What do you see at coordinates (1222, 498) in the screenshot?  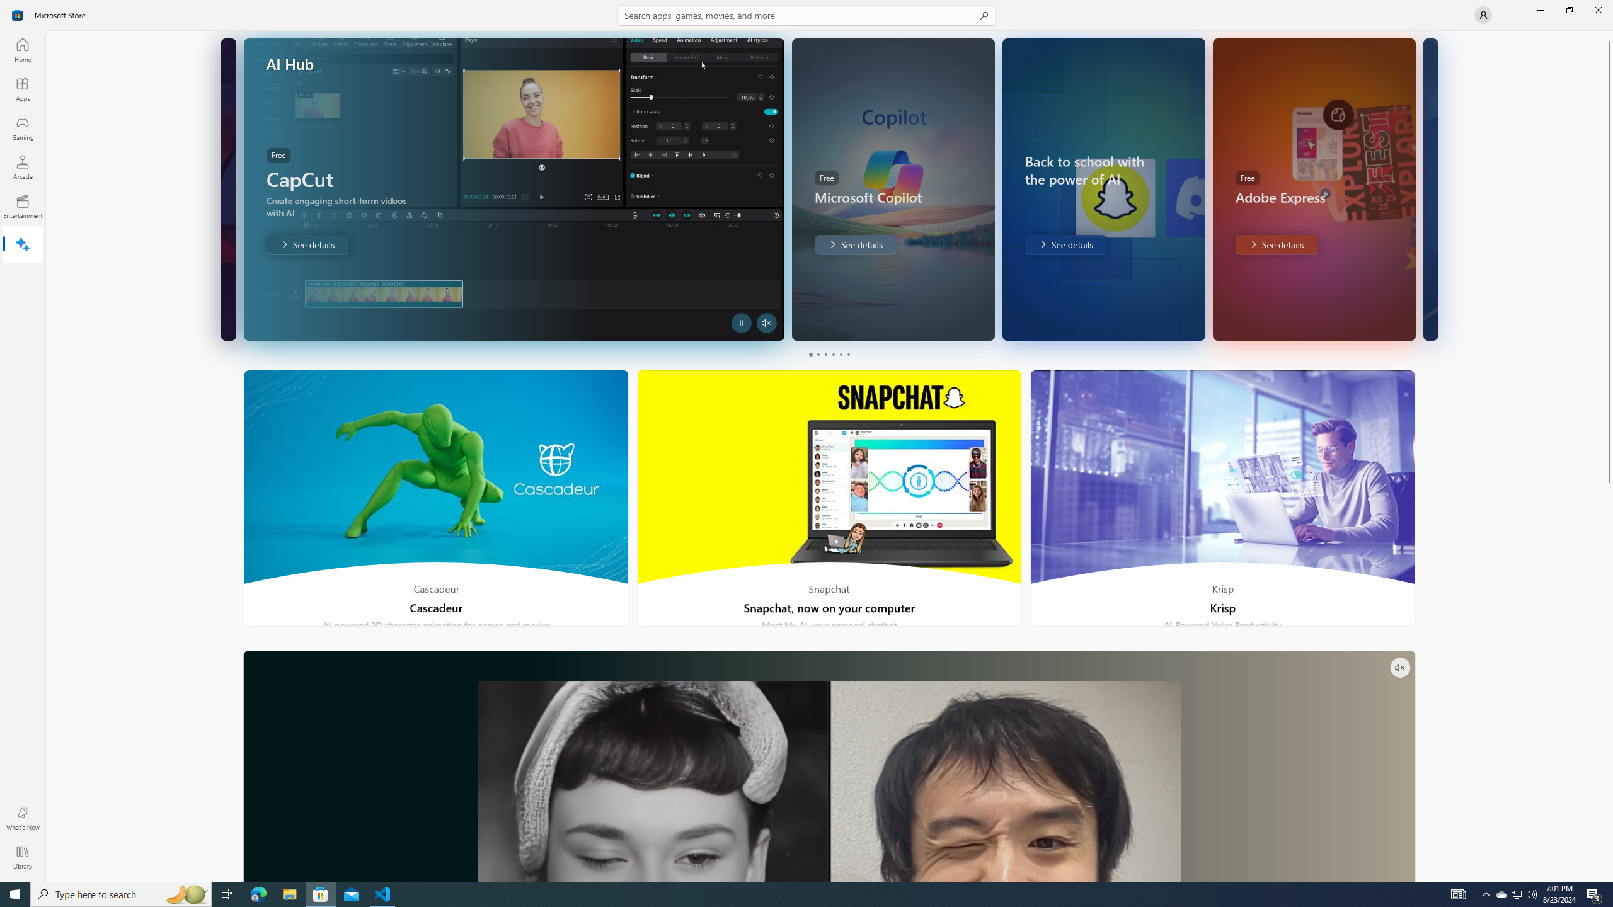 I see `'Krisp'` at bounding box center [1222, 498].